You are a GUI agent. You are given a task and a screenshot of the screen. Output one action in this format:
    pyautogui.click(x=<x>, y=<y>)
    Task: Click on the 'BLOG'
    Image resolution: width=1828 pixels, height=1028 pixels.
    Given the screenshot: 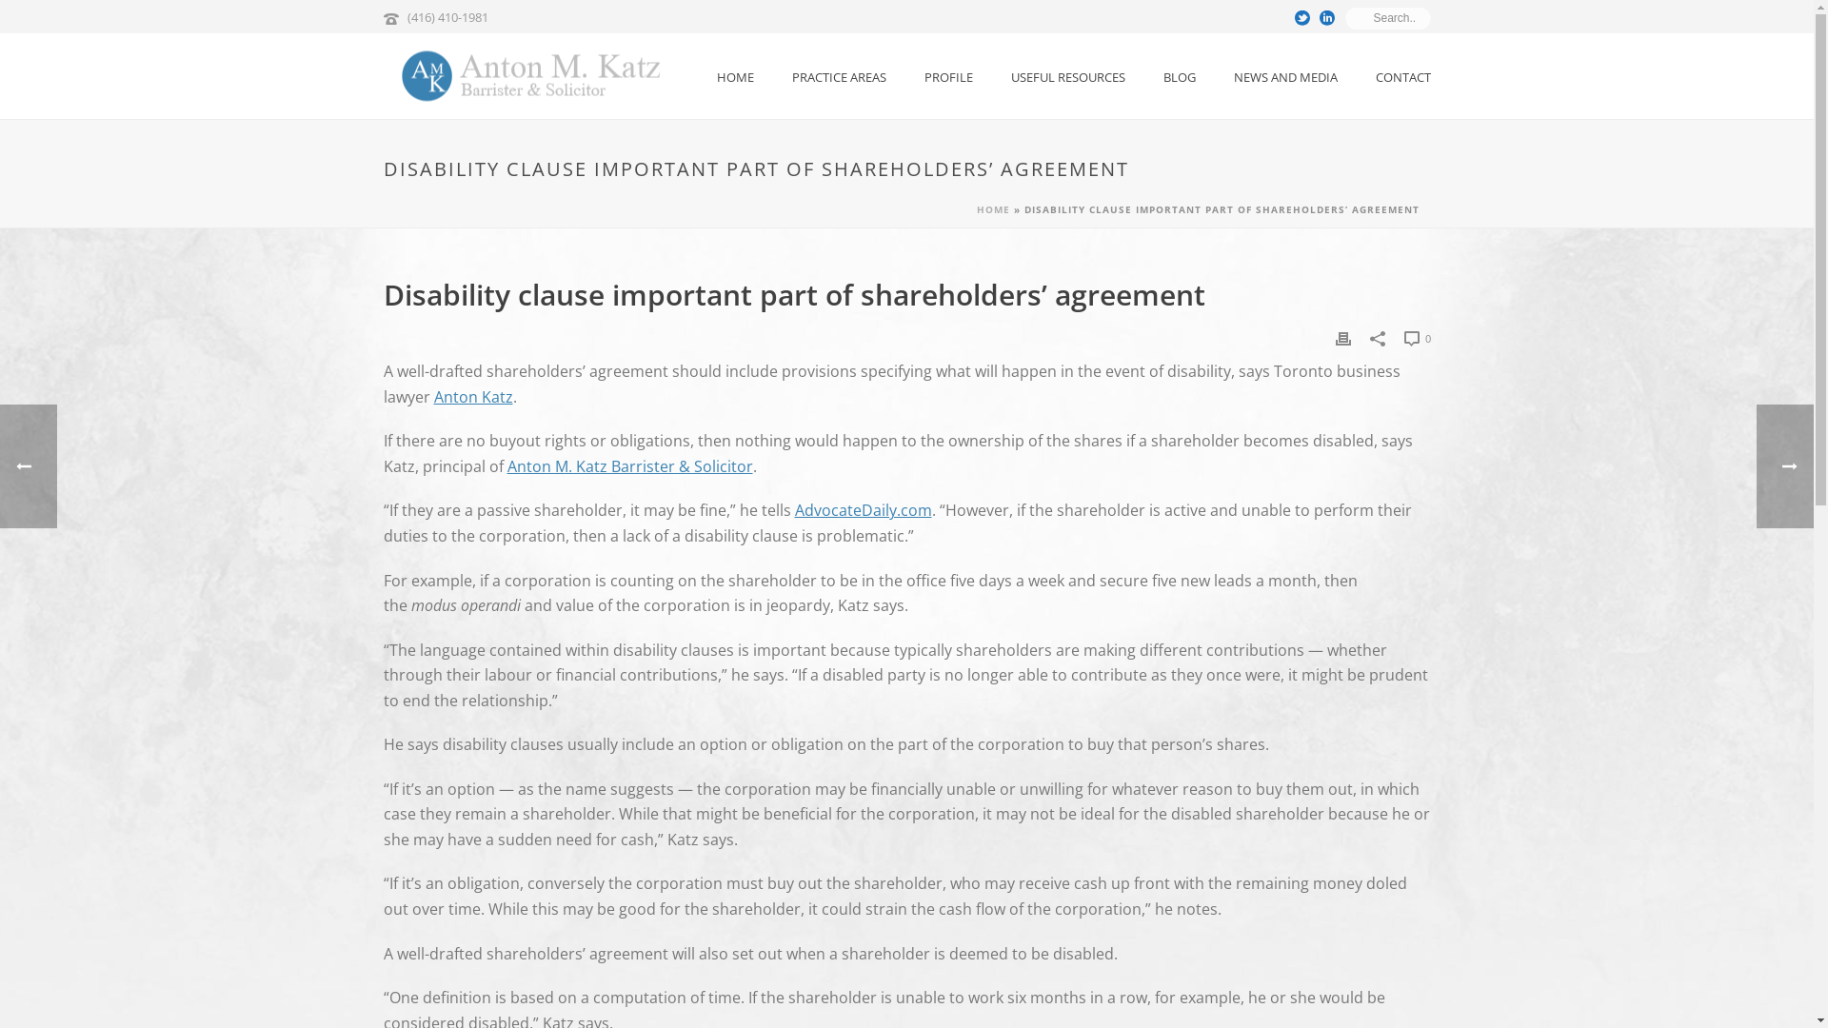 What is the action you would take?
    pyautogui.click(x=1178, y=76)
    